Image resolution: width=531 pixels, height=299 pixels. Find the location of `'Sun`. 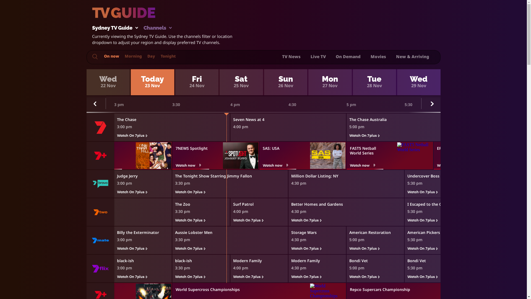

'Sun is located at coordinates (285, 82).